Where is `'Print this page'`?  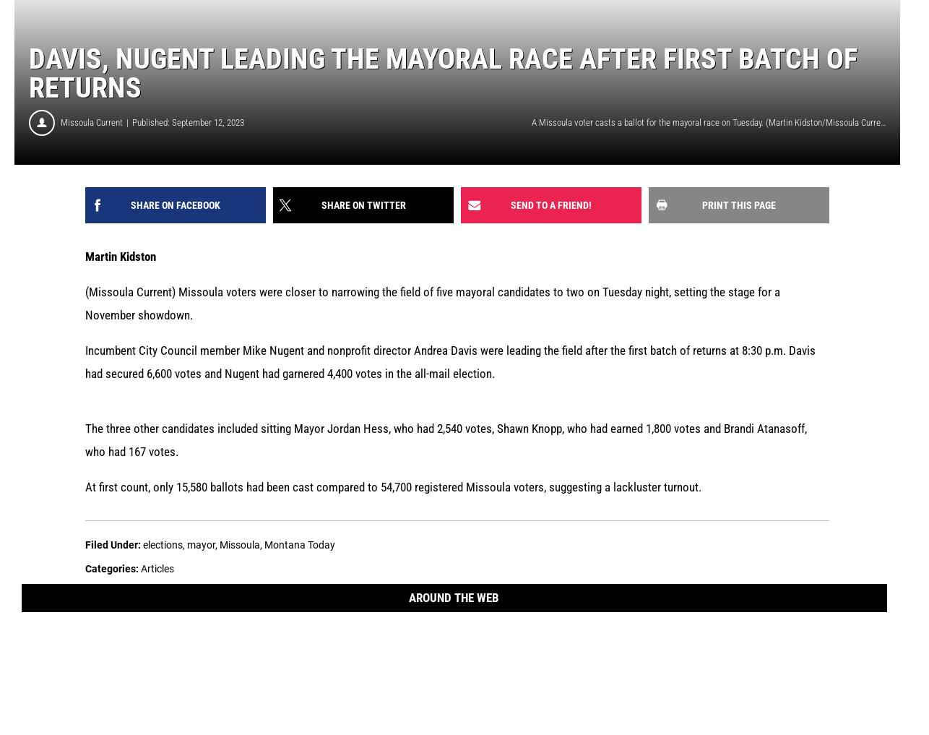 'Print this page' is located at coordinates (738, 204).